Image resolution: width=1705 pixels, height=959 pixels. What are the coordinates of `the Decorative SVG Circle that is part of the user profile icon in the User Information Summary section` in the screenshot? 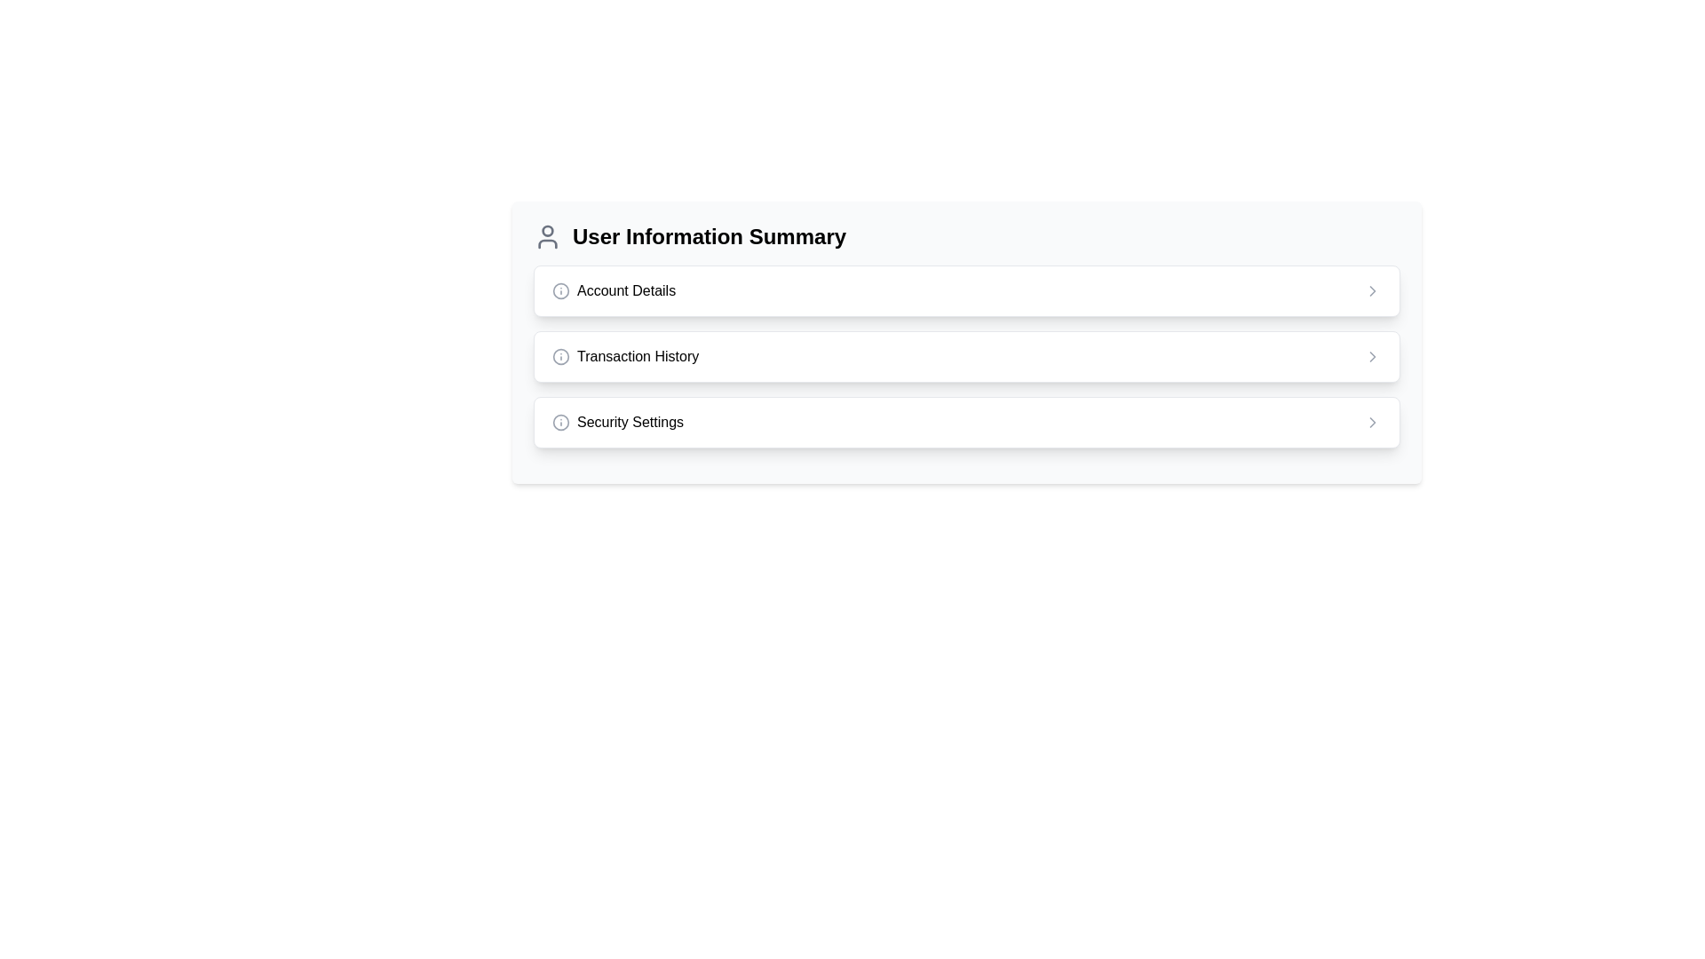 It's located at (547, 229).